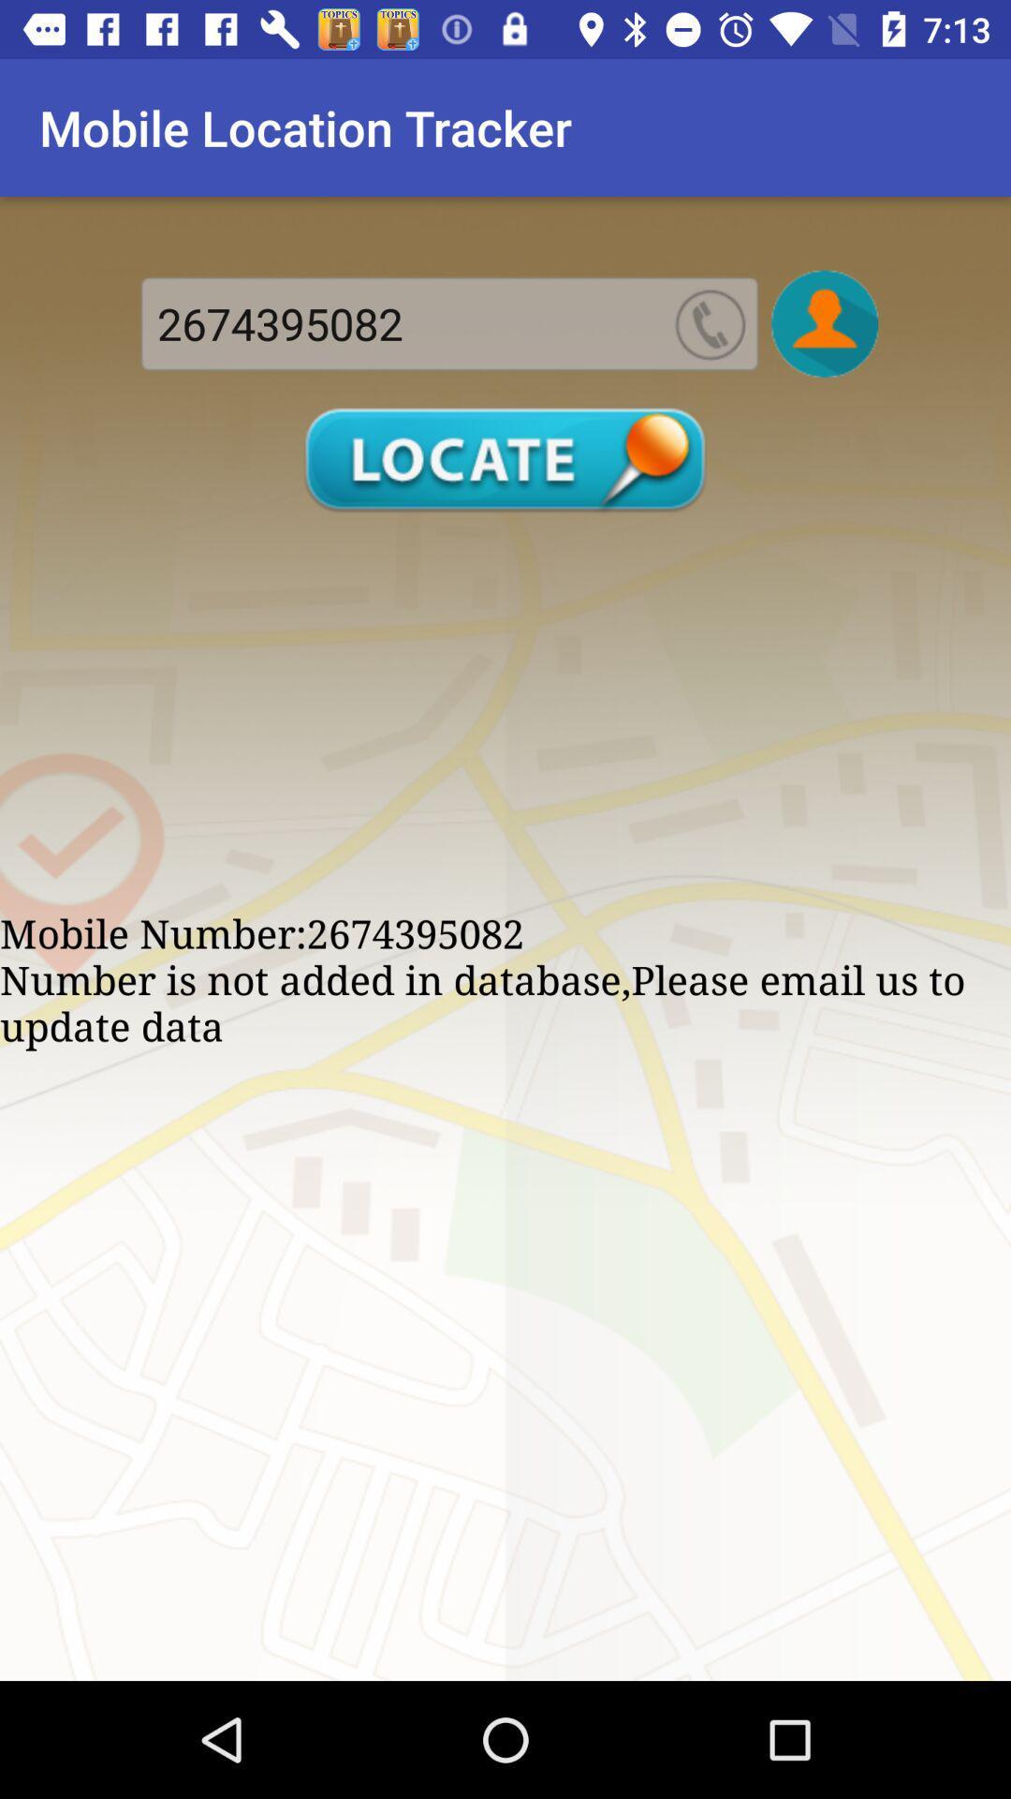  Describe the element at coordinates (824, 323) in the screenshot. I see `photo` at that location.